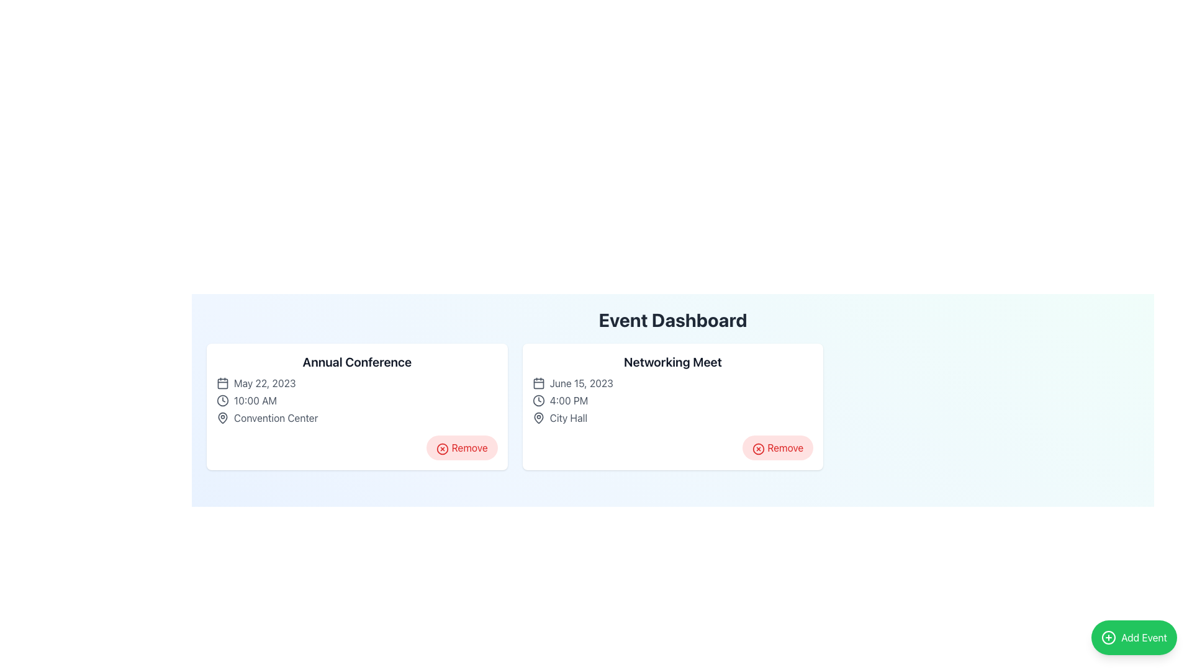 This screenshot has height=670, width=1192. I want to click on the graphical icon within the 'Add Event' button, which is green and located at the bottom-right corner of the interface, specifically to the left of the text that reads 'Add Event', so click(1109, 638).